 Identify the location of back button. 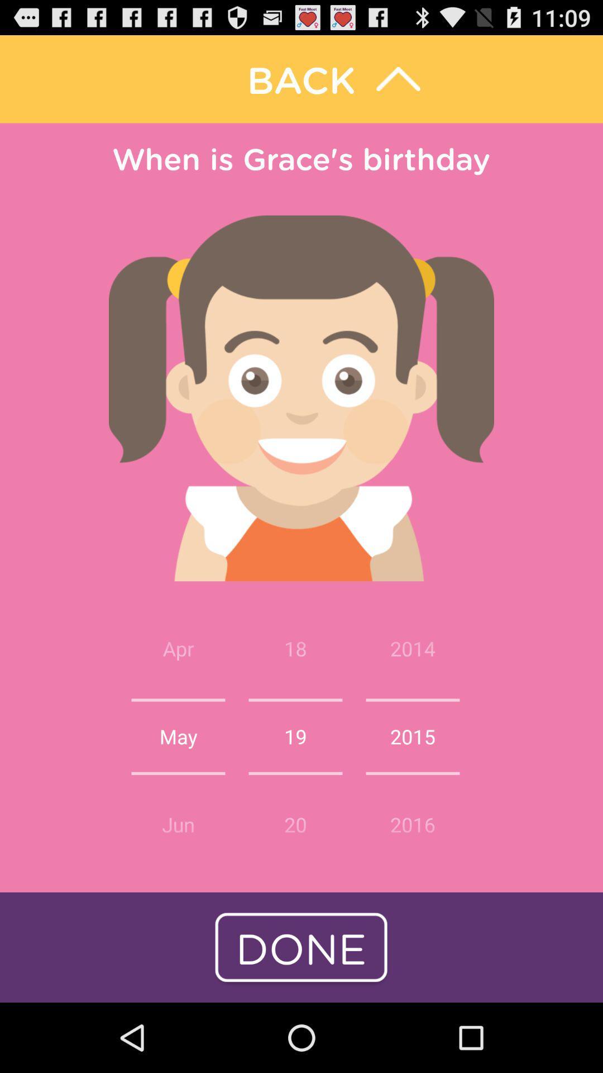
(301, 78).